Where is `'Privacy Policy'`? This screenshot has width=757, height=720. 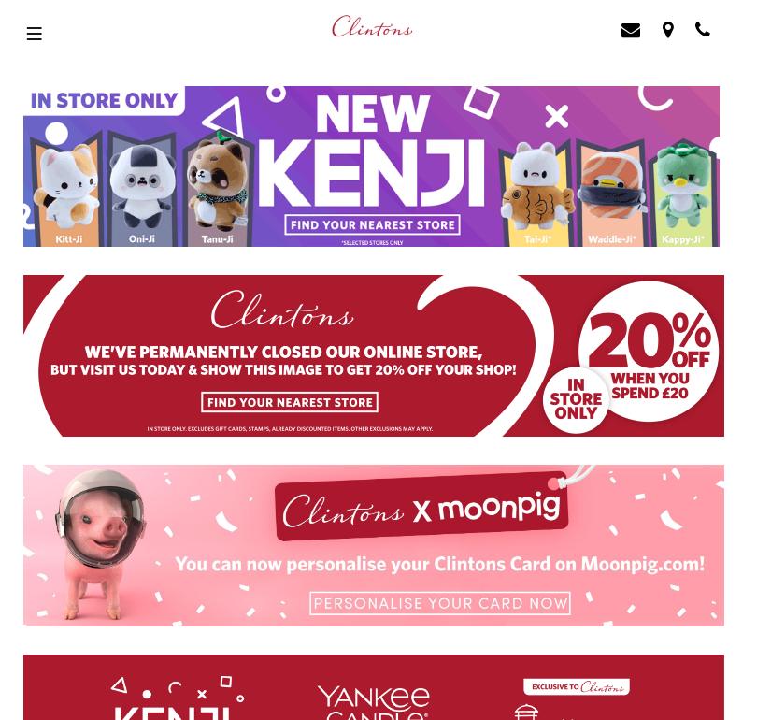
'Privacy Policy' is located at coordinates (67, 583).